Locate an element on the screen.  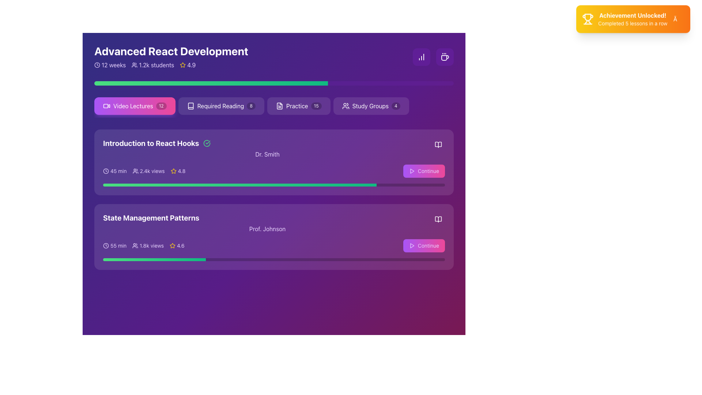
the reading material icon located at the top-right of the 'Introduction to React Hooks' card is located at coordinates (438, 145).